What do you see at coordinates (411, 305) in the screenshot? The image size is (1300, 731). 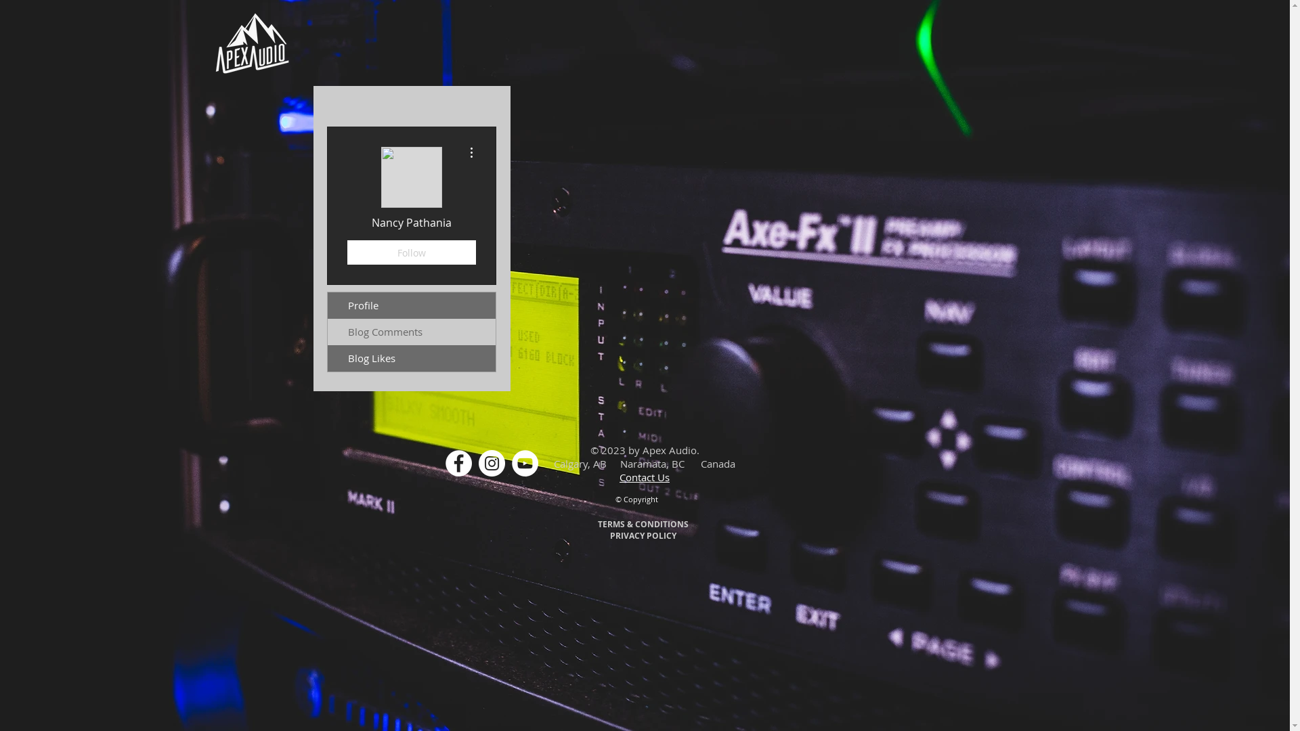 I see `'Profile'` at bounding box center [411, 305].